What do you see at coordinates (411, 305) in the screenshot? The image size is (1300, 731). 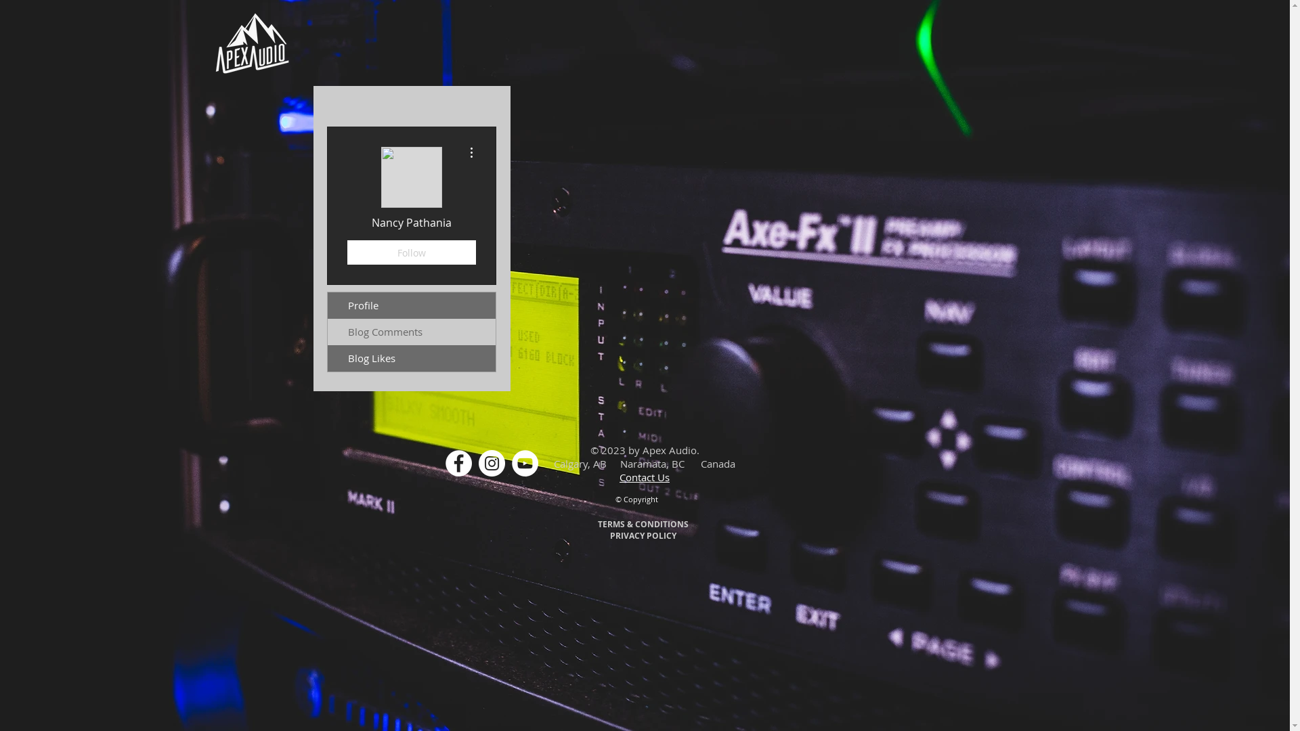 I see `'Profile'` at bounding box center [411, 305].